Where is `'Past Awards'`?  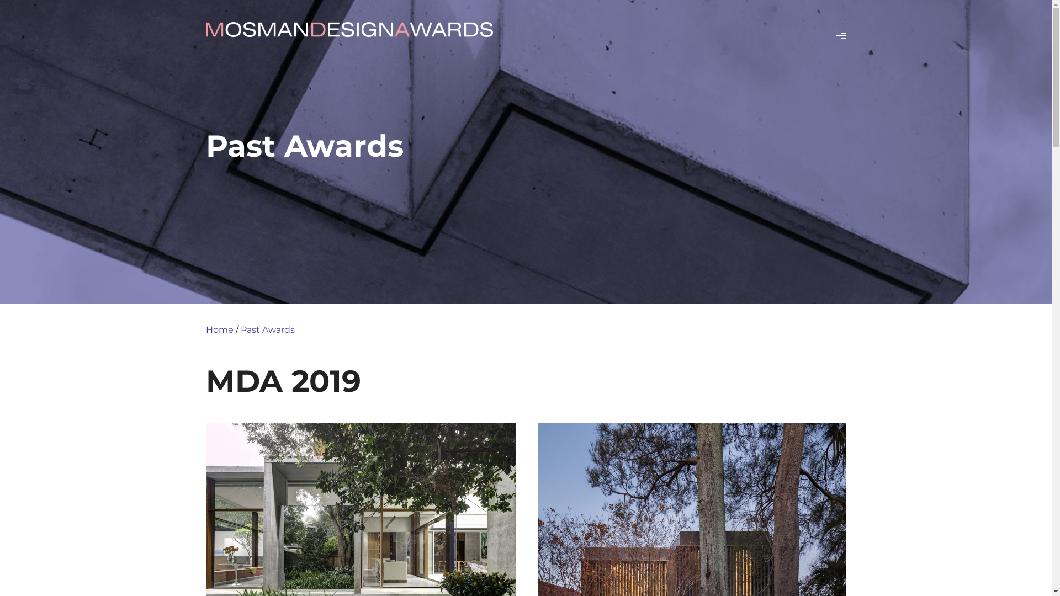 'Past Awards' is located at coordinates (267, 329).